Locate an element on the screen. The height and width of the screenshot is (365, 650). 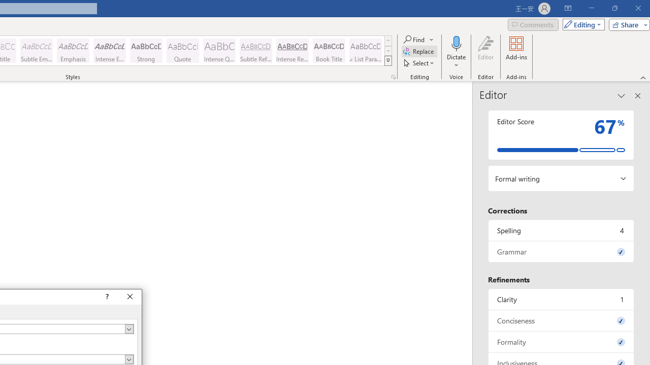
'Editor Score 67%' is located at coordinates (561, 134).